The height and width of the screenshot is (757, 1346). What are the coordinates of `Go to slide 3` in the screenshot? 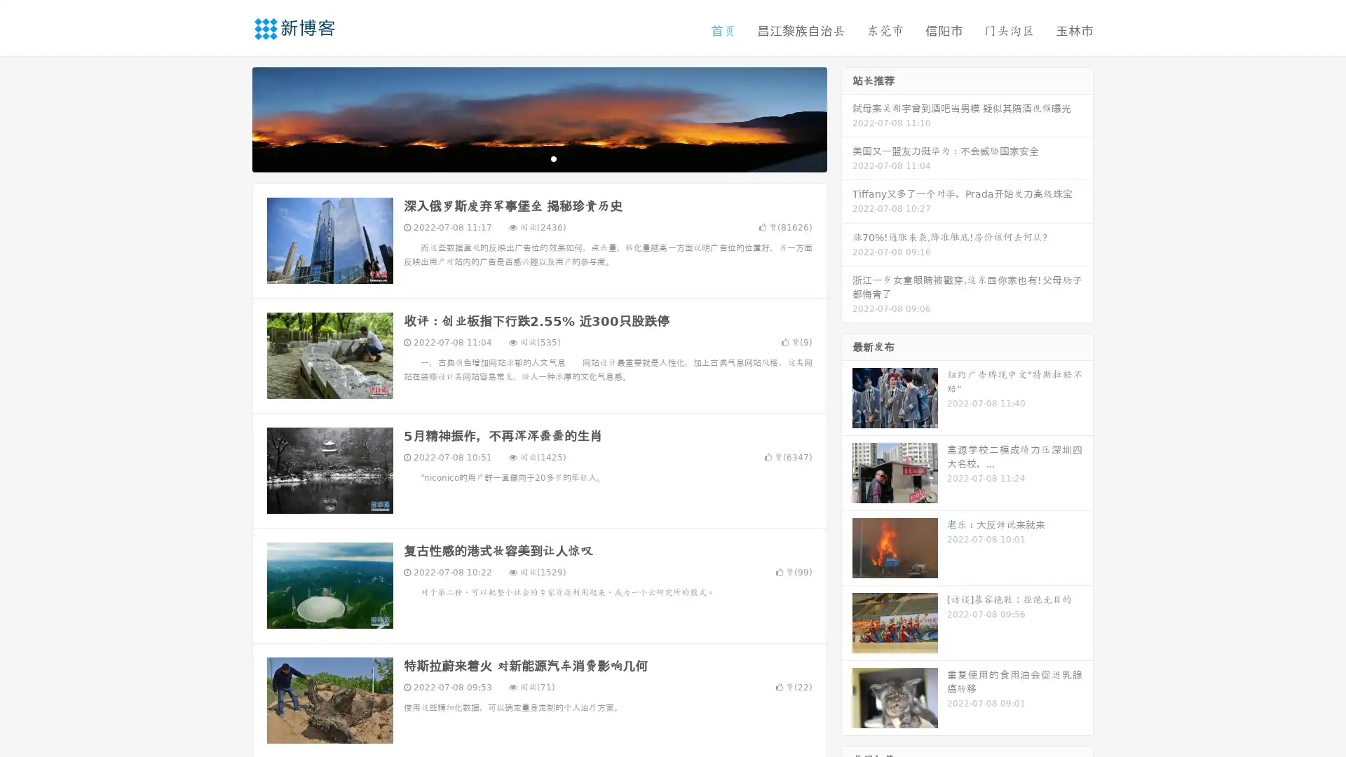 It's located at (553, 158).